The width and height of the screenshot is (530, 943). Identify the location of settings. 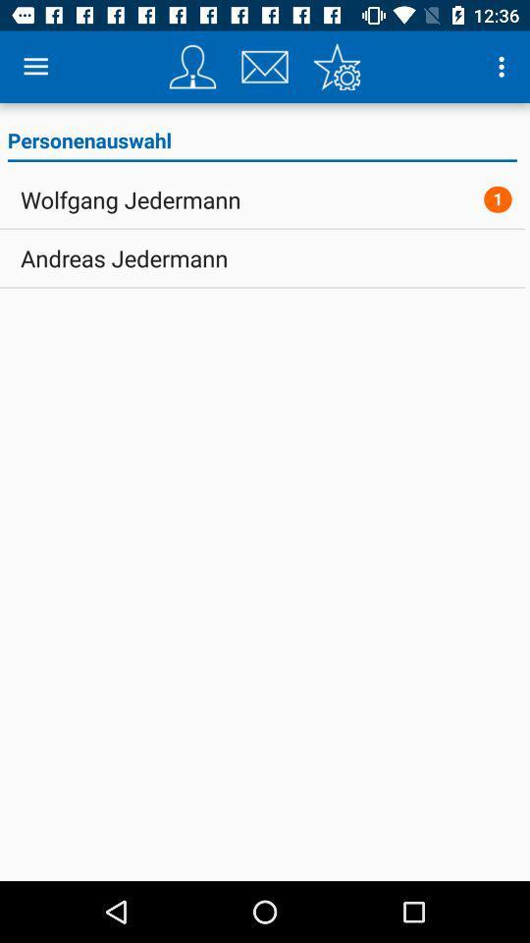
(336, 67).